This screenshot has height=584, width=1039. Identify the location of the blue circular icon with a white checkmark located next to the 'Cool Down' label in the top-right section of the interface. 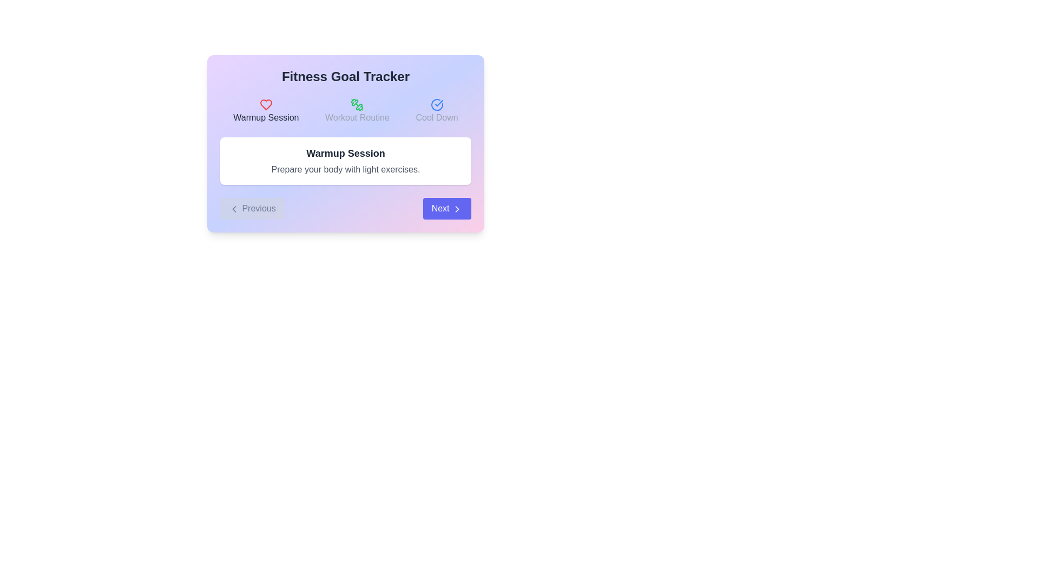
(437, 104).